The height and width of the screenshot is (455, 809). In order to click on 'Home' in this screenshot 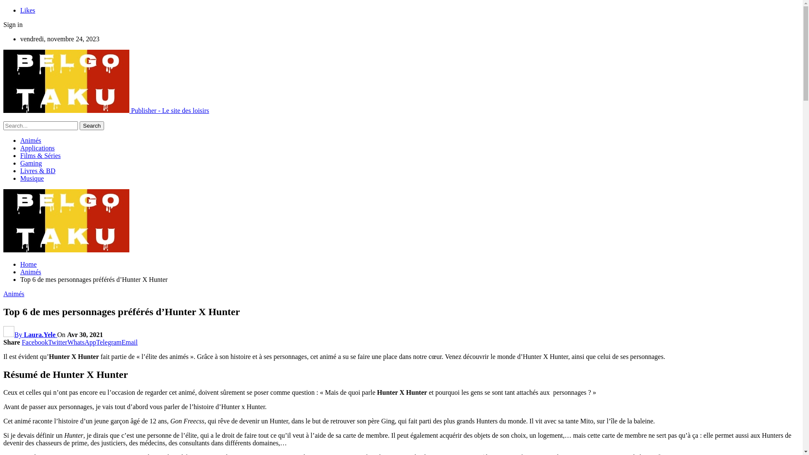, I will do `click(28, 264)`.